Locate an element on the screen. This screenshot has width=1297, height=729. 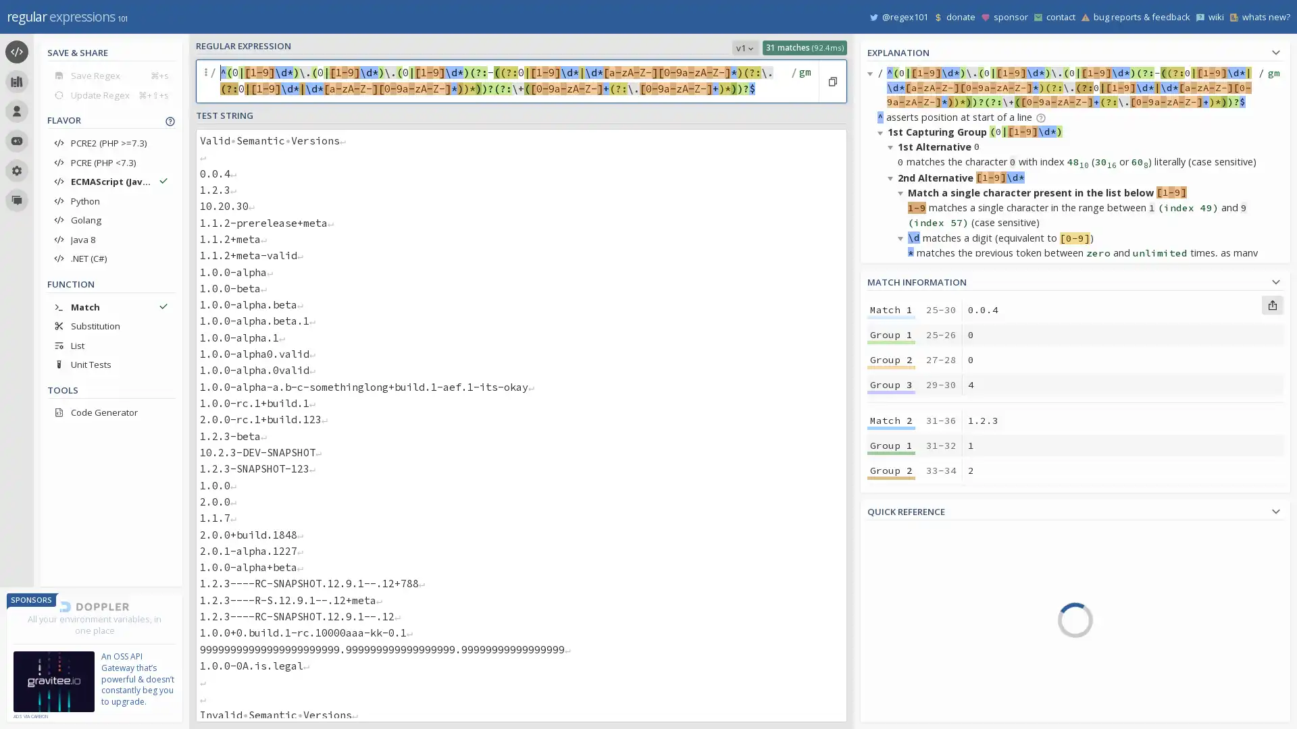
Collapse Subtree is located at coordinates (902, 359).